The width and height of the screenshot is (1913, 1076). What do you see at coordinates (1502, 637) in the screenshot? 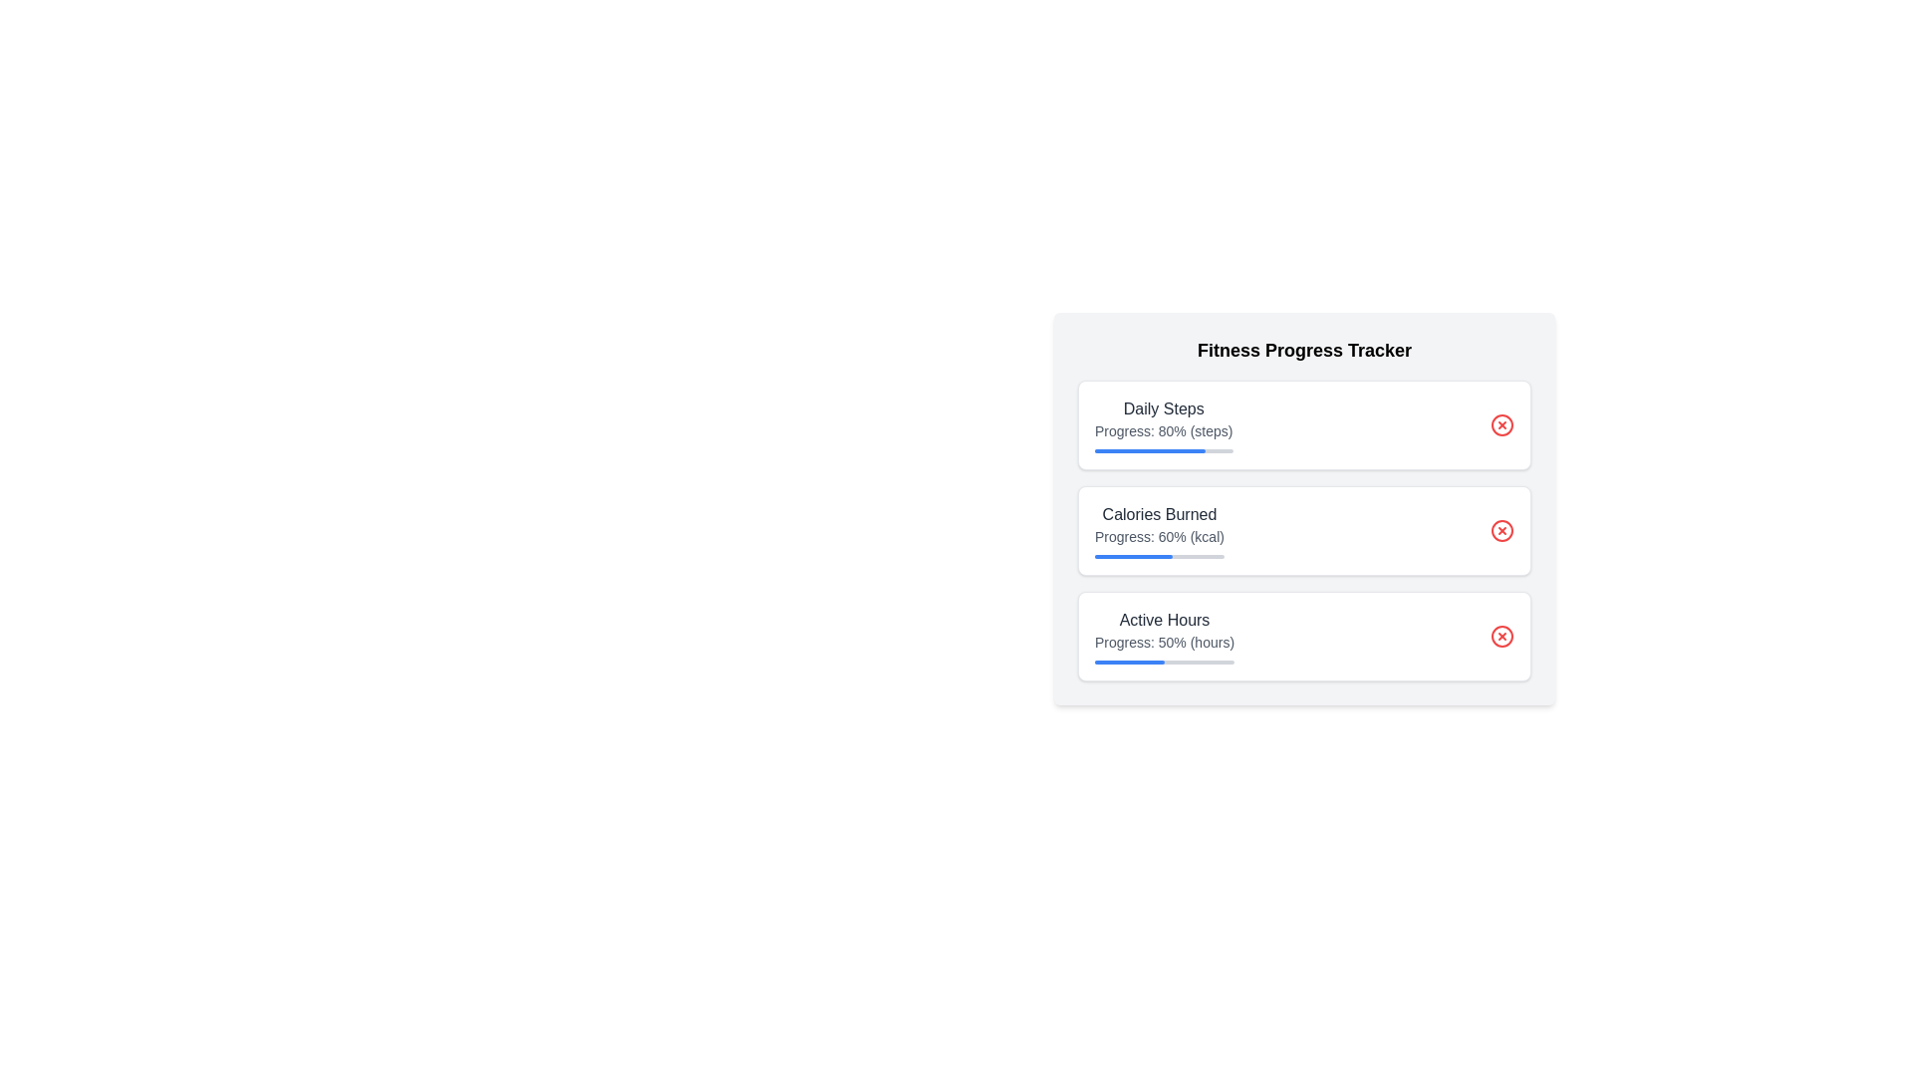
I see `the red circular icon of the cancel button, which is part of the 'Active Hours' progress tracker, to initiate a removal or clear action` at bounding box center [1502, 637].